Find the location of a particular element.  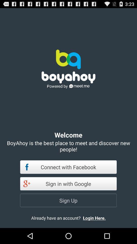

the app at the bottom right corner is located at coordinates (98, 218).